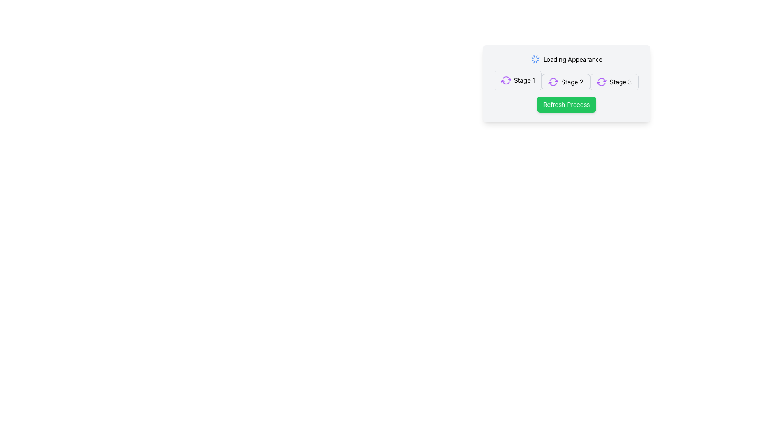 The width and height of the screenshot is (761, 428). I want to click on the first Label with Icon that indicates the first stage of a multi-step process, positioned above the 'Refresh Process' button and below the 'Loading Appearance' title, so click(518, 80).